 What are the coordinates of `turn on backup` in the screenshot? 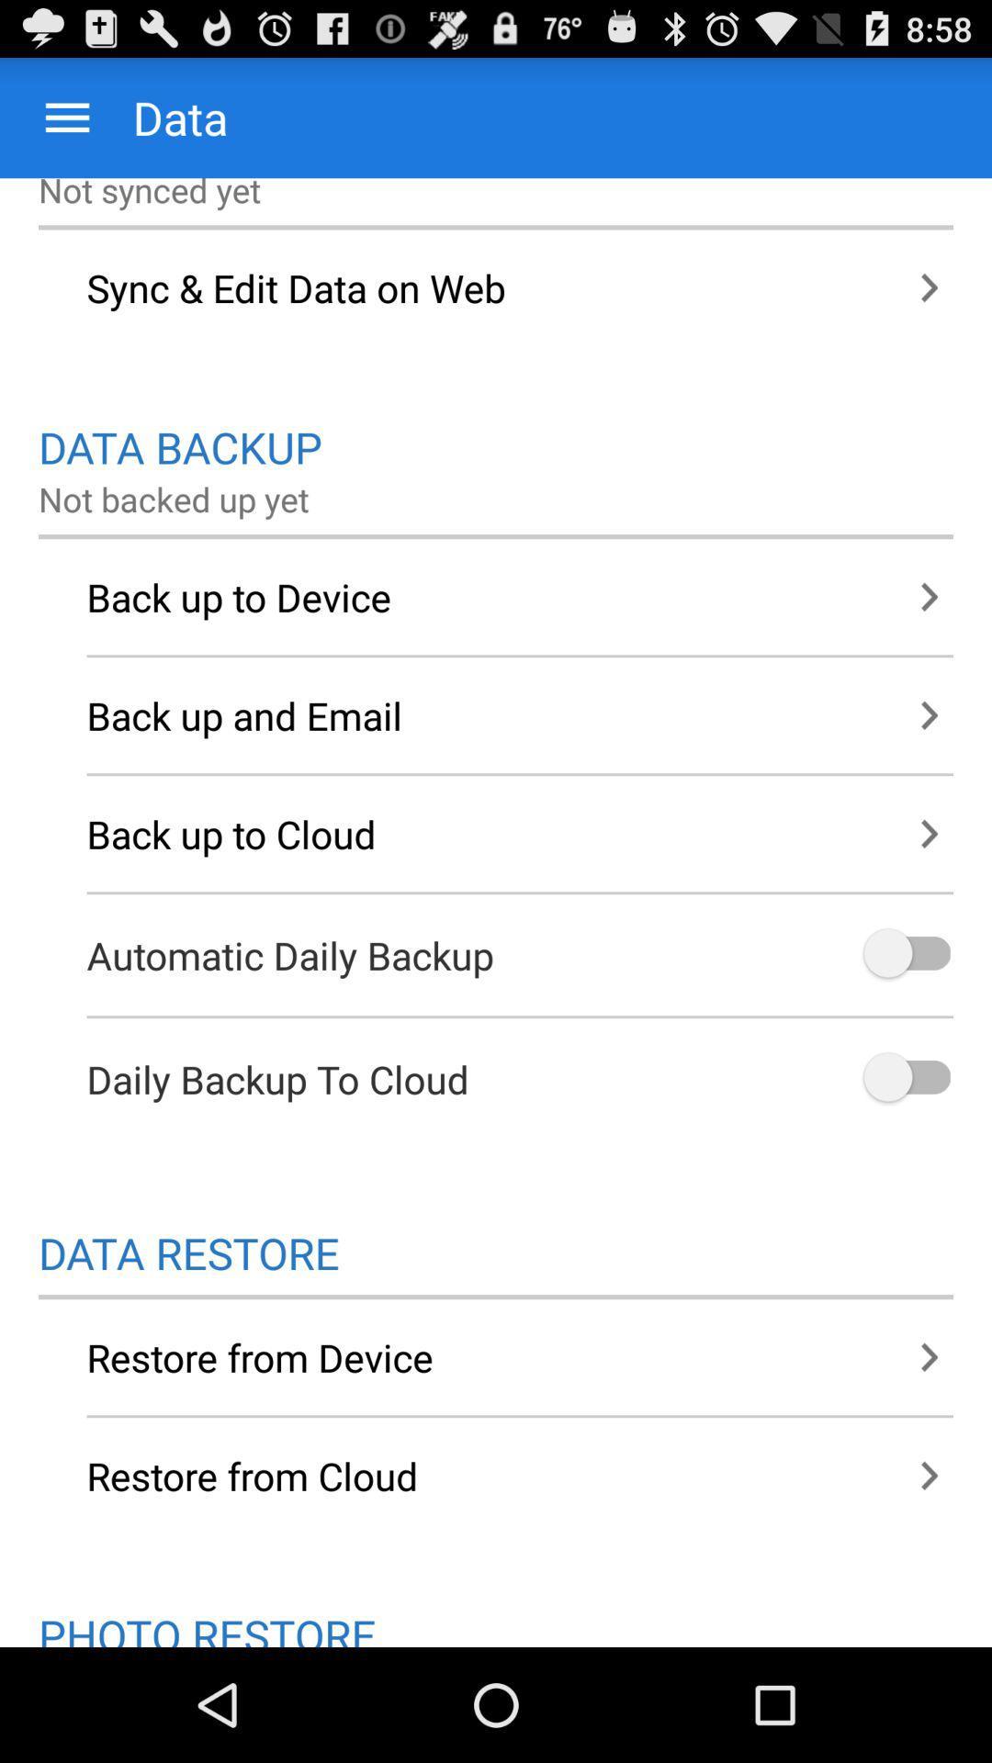 It's located at (904, 1079).